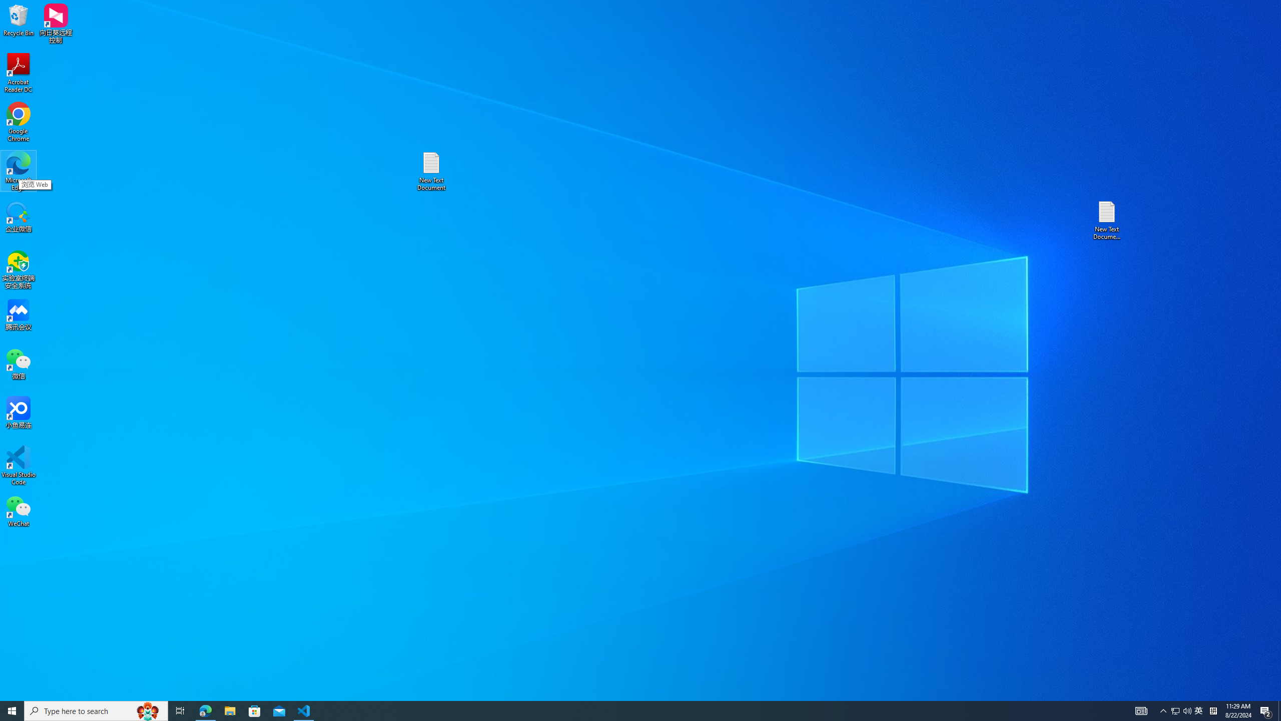  What do you see at coordinates (430, 171) in the screenshot?
I see `'New Text Document'` at bounding box center [430, 171].